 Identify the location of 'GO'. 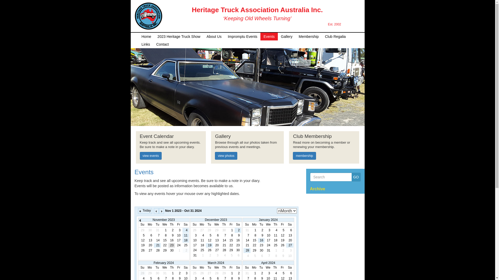
(356, 177).